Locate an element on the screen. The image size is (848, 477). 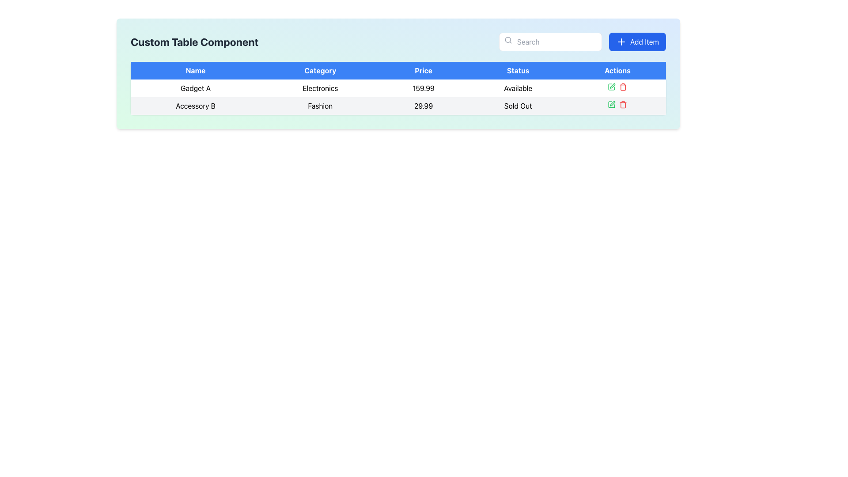
the 'Electronics' text label in the second column of the first row of the table, which is styled with padding and a plain black font is located at coordinates (320, 88).